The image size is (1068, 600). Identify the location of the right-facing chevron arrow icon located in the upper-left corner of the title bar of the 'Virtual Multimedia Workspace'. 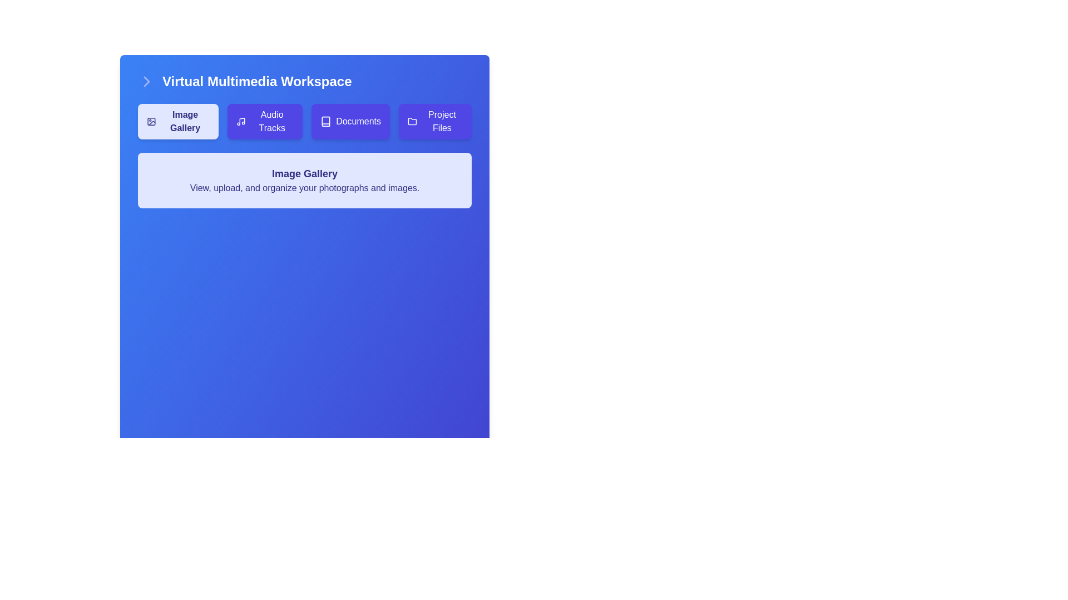
(146, 81).